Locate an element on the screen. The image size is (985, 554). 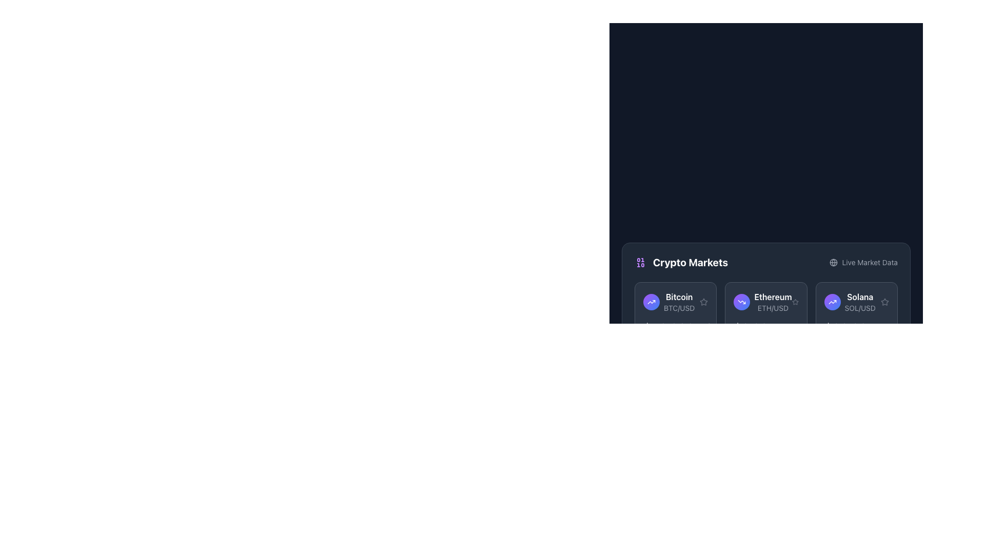
the Favorite toggle icon (SVG) located at the far right of the 'Solana SOL/USD' card to toggle its favorite status is located at coordinates (884, 302).